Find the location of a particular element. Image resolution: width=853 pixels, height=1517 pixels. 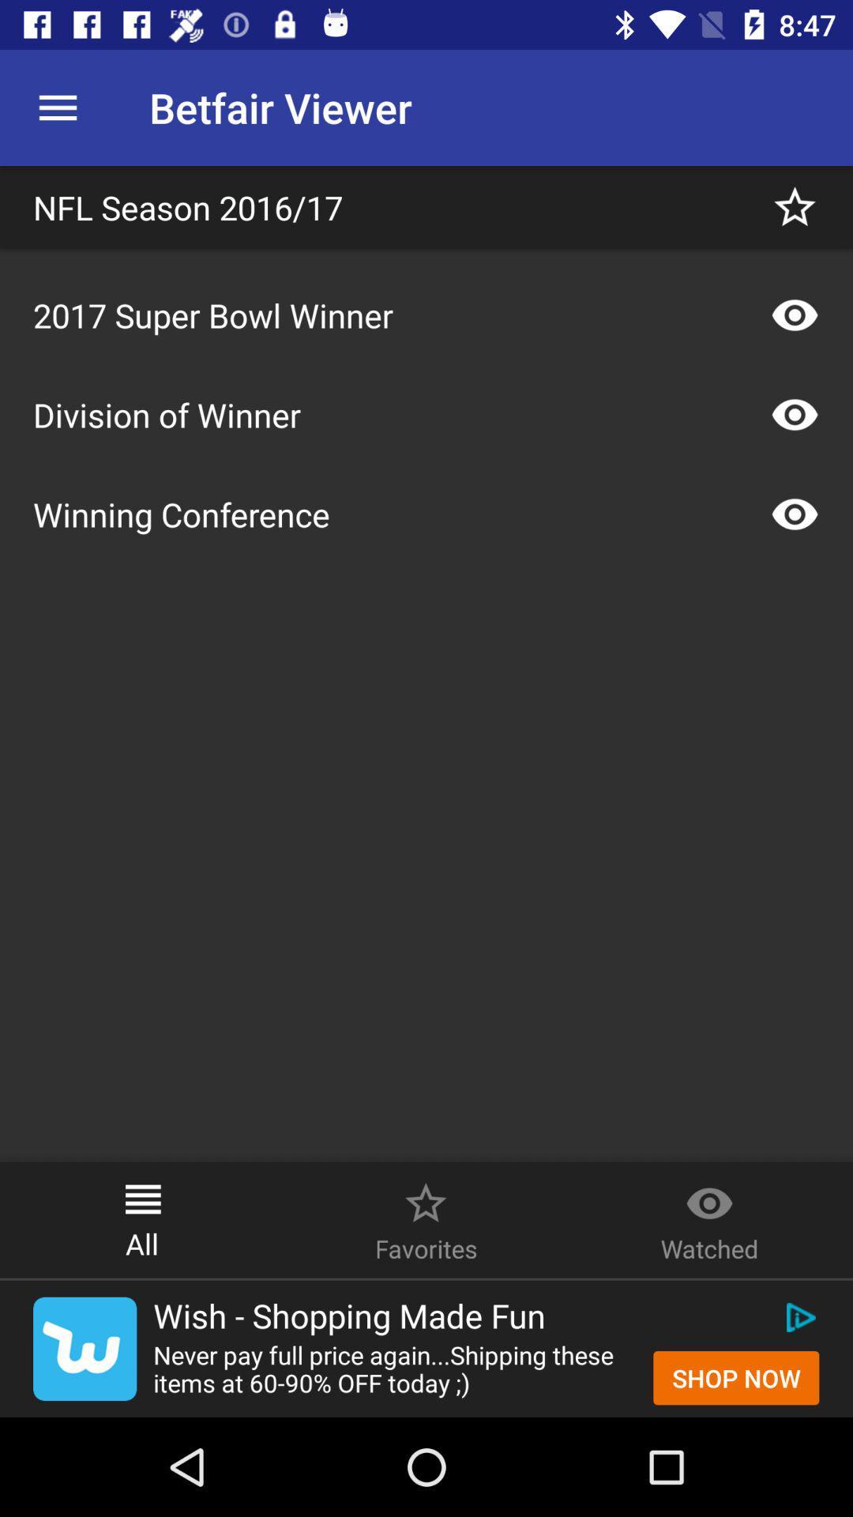

the blue colored logo at the bottom left corner of the page is located at coordinates (85, 1348).